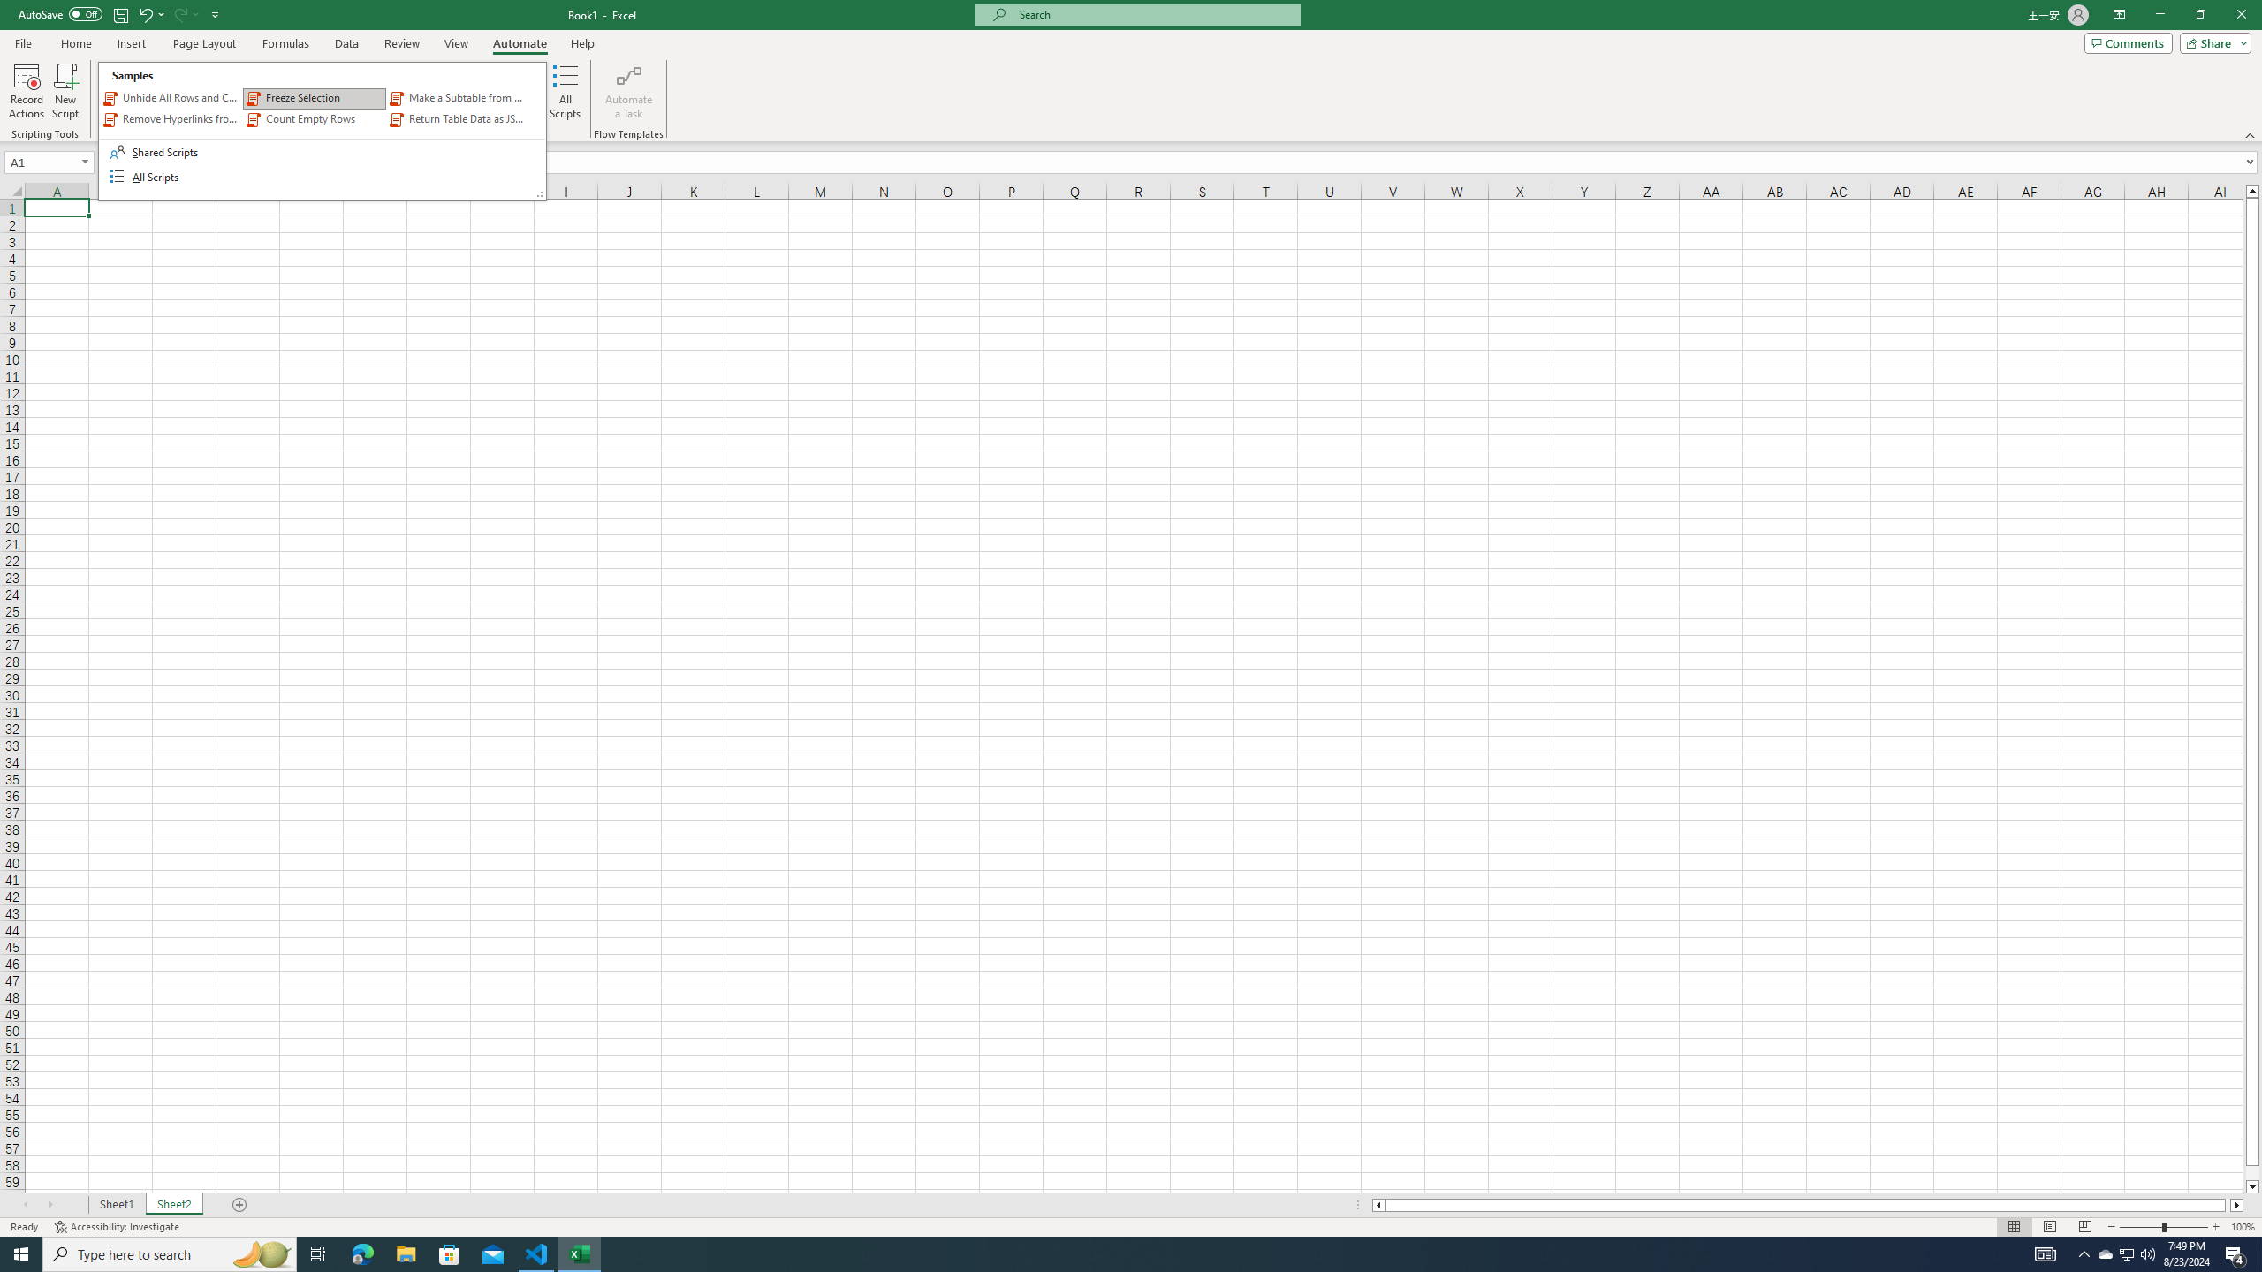 The width and height of the screenshot is (2262, 1272). What do you see at coordinates (2084, 1253) in the screenshot?
I see `'Notification Chevron'` at bounding box center [2084, 1253].